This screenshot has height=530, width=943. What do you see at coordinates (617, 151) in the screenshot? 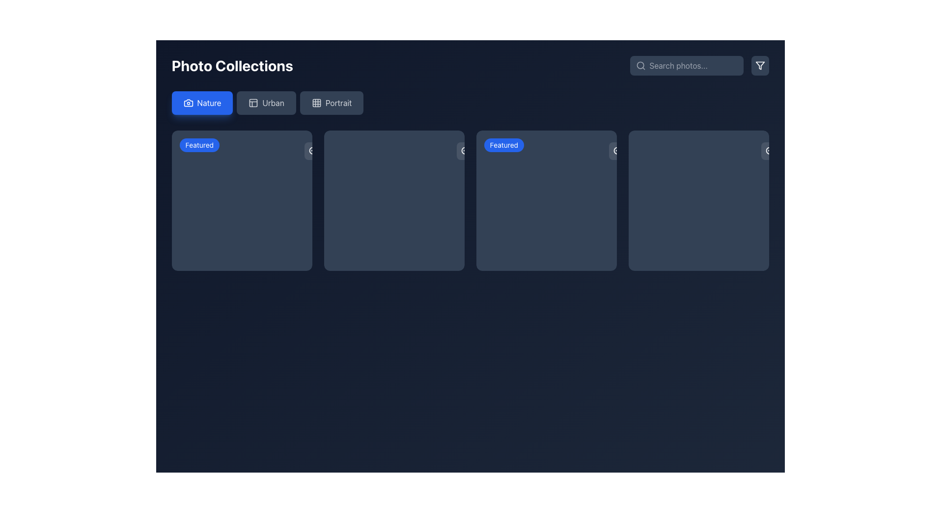
I see `the first zoom button located on the right edge of the third image card in a 2x2 grid layout to zoom in on the image` at bounding box center [617, 151].